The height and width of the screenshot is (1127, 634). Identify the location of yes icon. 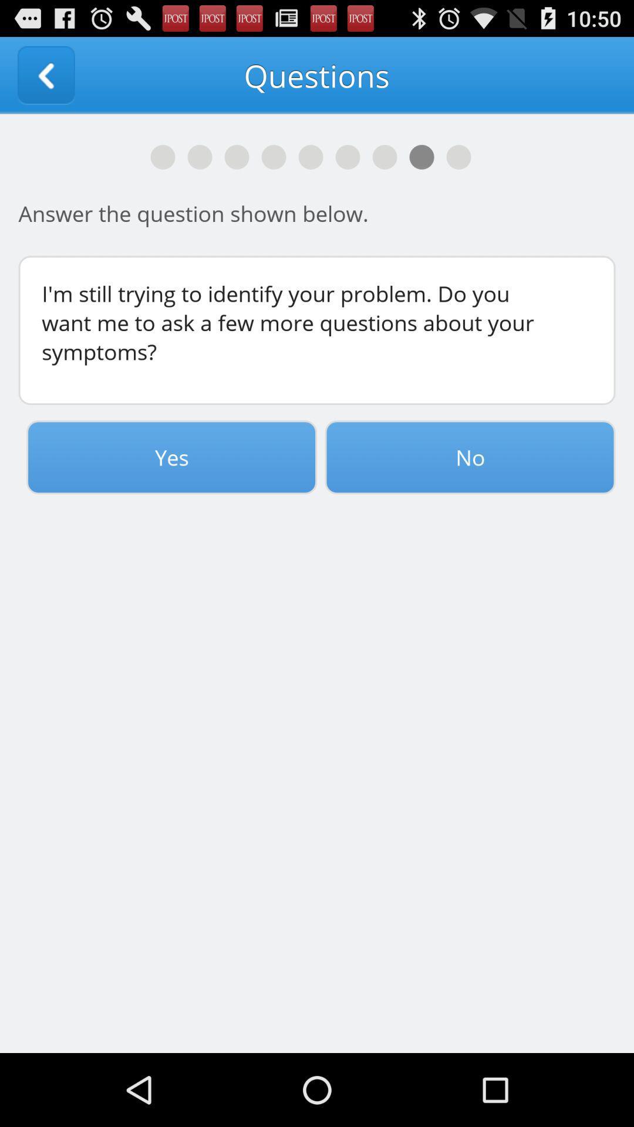
(171, 457).